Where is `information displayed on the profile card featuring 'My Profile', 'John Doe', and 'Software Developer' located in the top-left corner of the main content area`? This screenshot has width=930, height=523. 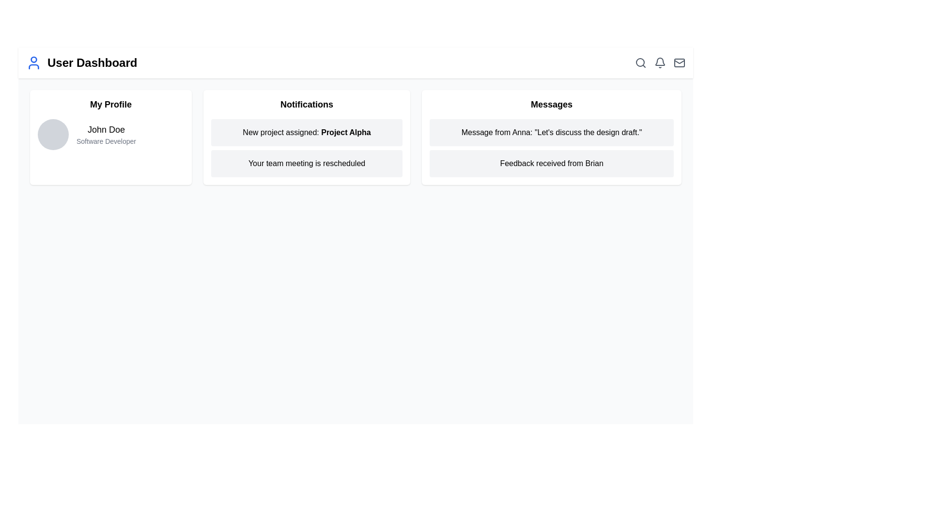 information displayed on the profile card featuring 'My Profile', 'John Doe', and 'Software Developer' located in the top-left corner of the main content area is located at coordinates (110, 138).